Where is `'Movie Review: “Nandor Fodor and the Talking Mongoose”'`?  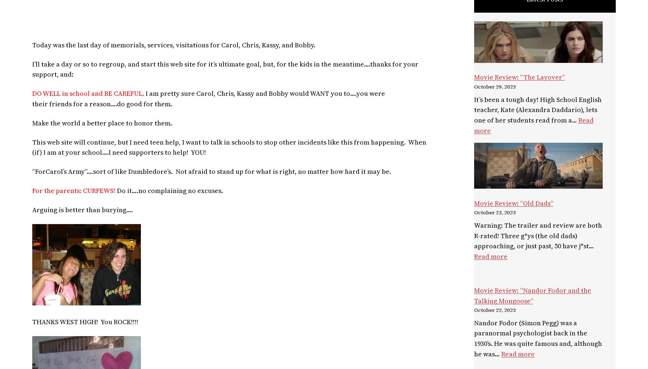
'Movie Review: “Nandor Fodor and the Talking Mongoose”' is located at coordinates (532, 295).